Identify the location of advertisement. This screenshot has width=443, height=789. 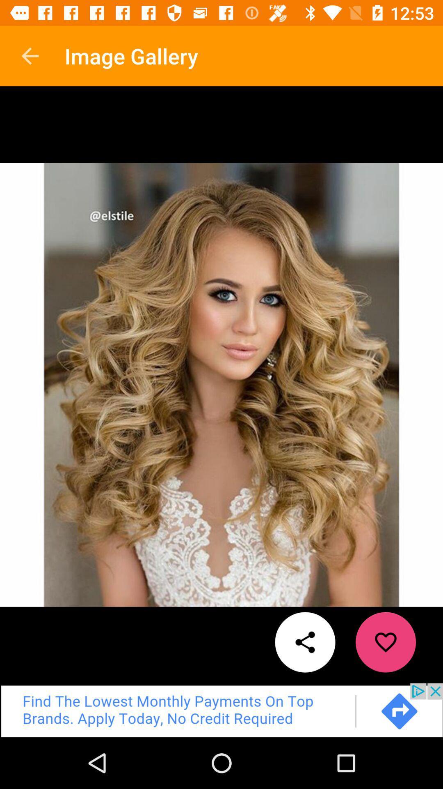
(221, 710).